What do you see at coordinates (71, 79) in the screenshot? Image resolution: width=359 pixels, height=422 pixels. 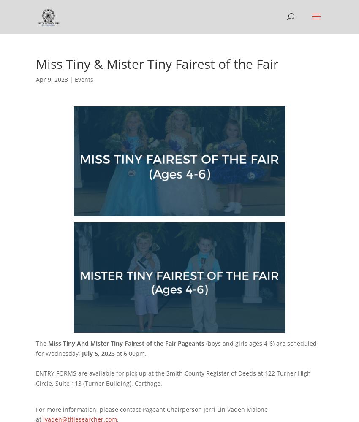 I see `'|'` at bounding box center [71, 79].